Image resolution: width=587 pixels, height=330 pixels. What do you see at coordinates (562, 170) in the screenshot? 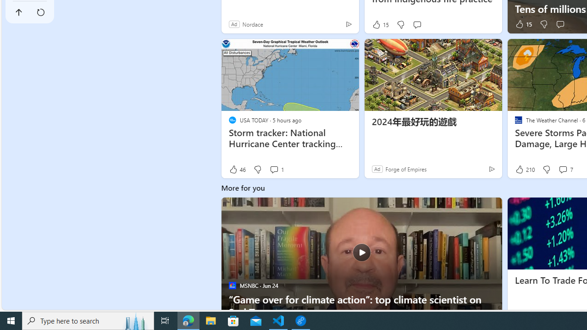
I see `'View comments 7 Comment'` at bounding box center [562, 170].